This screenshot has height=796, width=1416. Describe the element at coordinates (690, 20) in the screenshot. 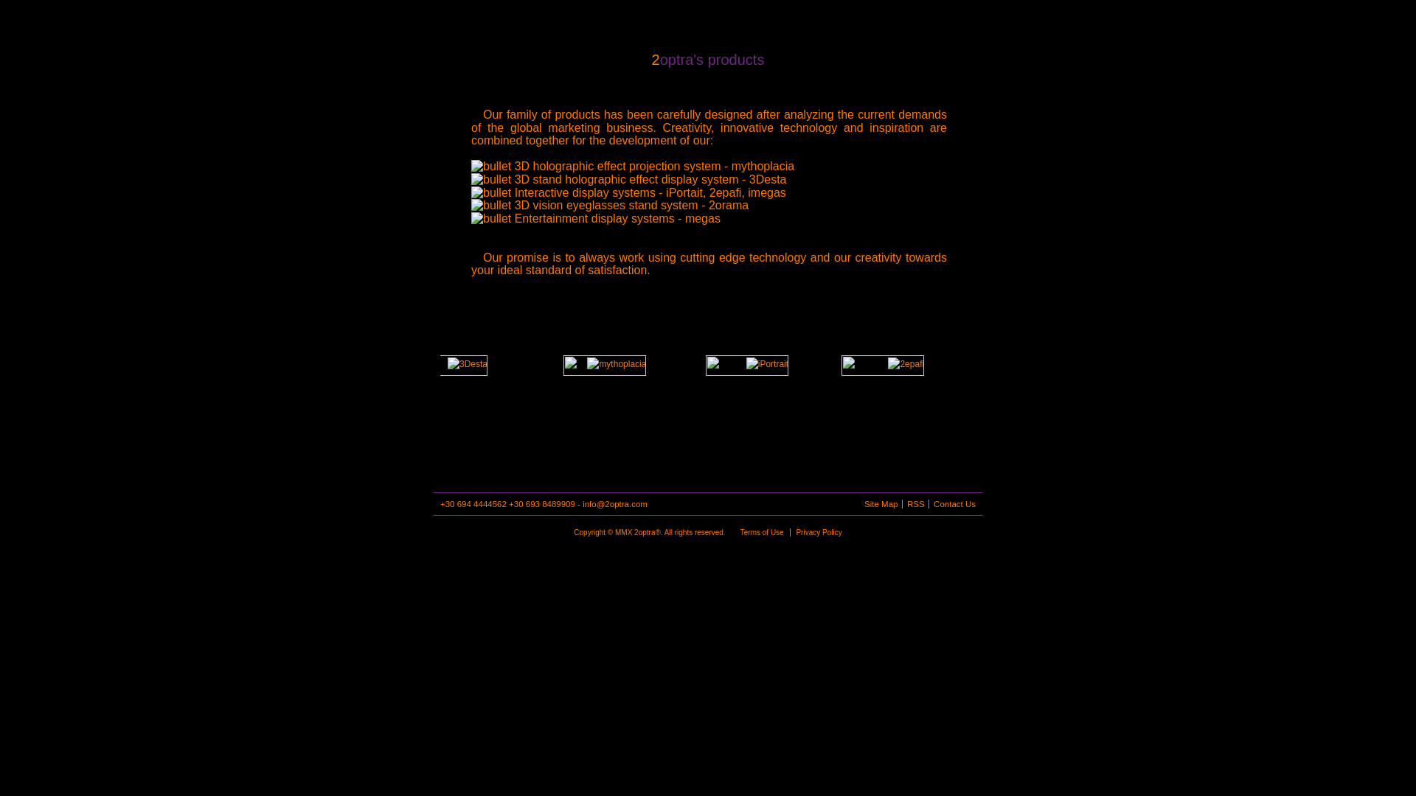

I see `'services'` at that location.